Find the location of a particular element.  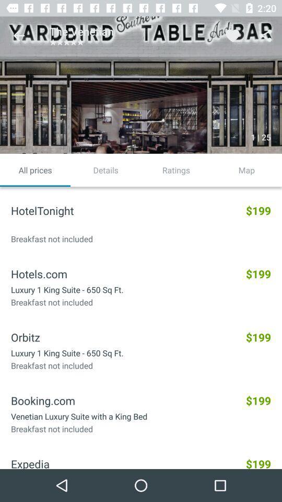

the details item is located at coordinates (105, 170).